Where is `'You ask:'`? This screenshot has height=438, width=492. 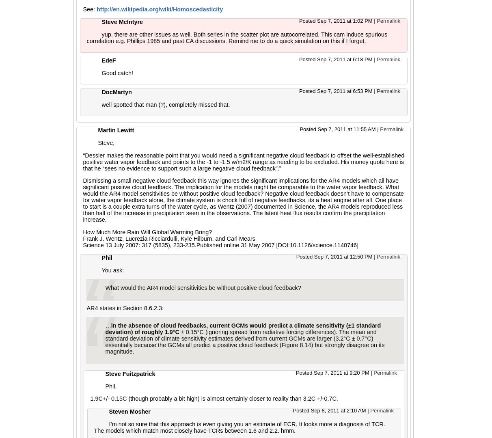 'You ask:' is located at coordinates (112, 270).